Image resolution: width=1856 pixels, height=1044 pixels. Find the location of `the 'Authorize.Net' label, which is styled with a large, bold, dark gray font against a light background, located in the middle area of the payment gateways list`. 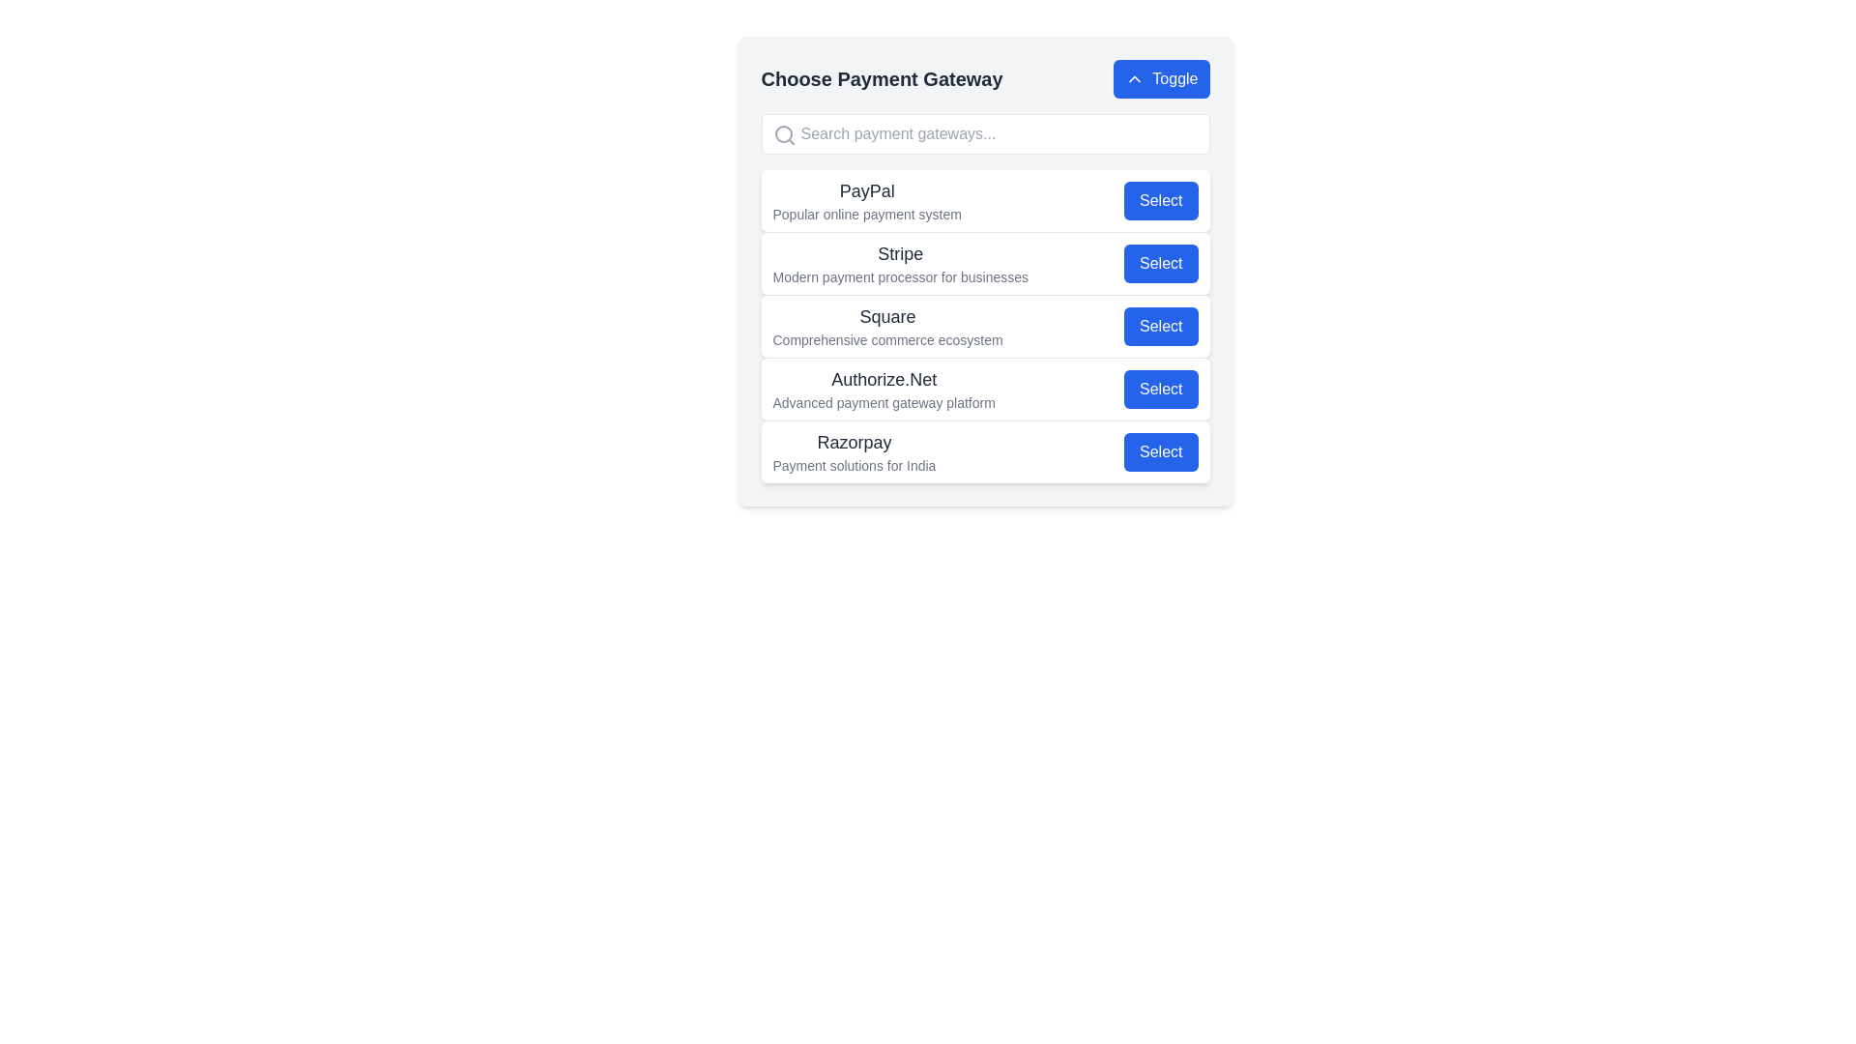

the 'Authorize.Net' label, which is styled with a large, bold, dark gray font against a light background, located in the middle area of the payment gateways list is located at coordinates (883, 380).